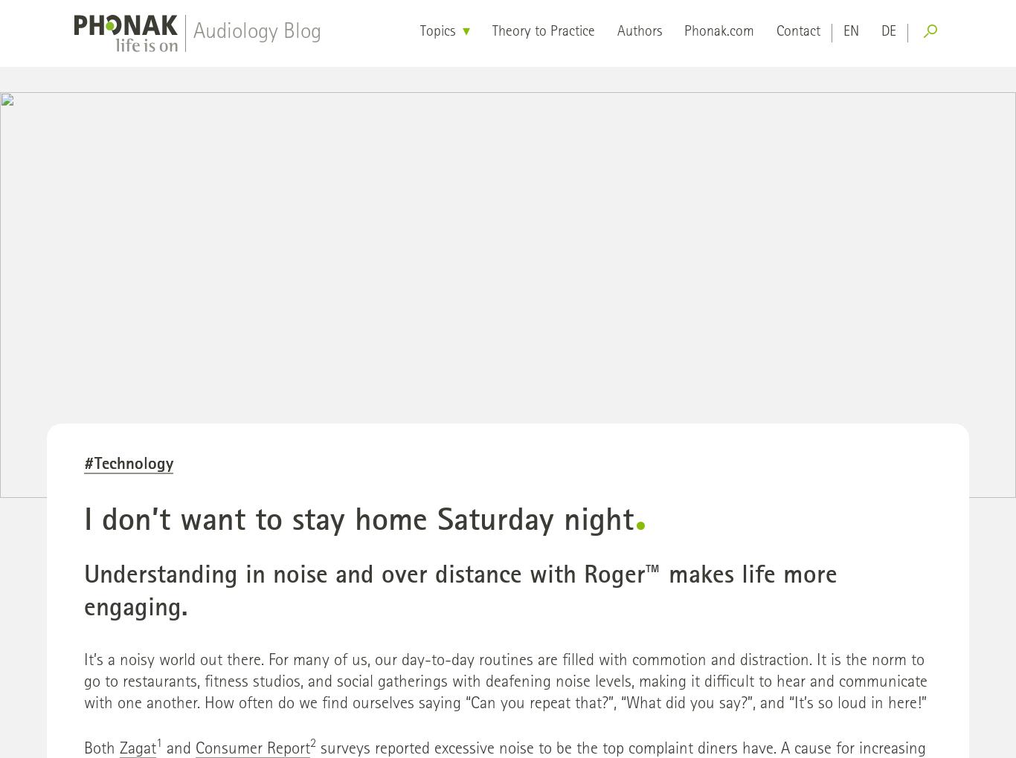  What do you see at coordinates (797, 31) in the screenshot?
I see `'Contact'` at bounding box center [797, 31].